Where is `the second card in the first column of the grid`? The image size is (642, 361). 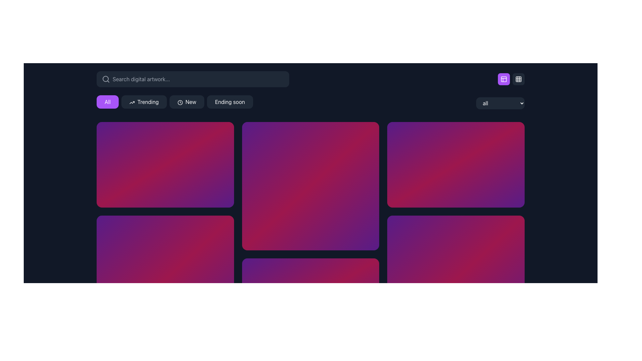
the second card in the first column of the grid is located at coordinates (165, 280).